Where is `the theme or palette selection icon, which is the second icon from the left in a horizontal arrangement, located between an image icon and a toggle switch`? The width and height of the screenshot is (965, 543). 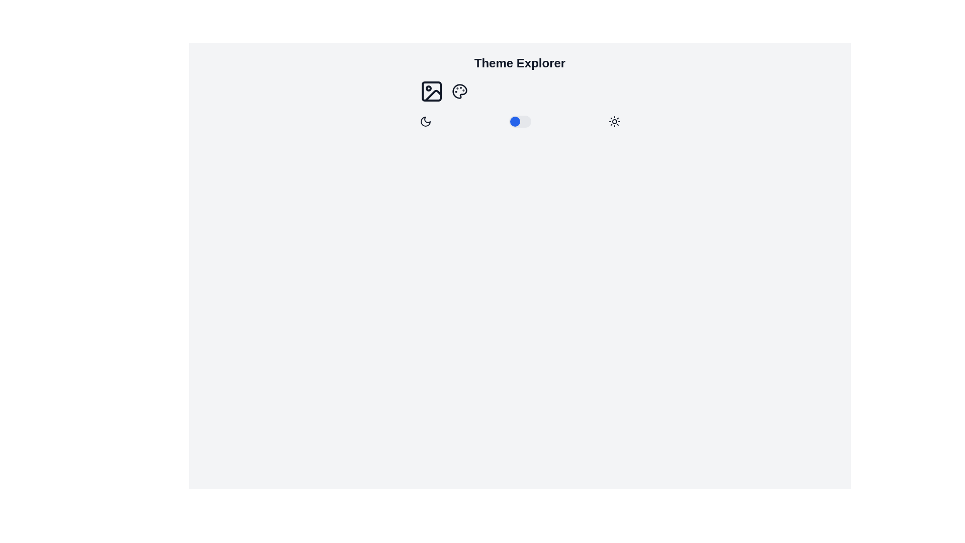
the theme or palette selection icon, which is the second icon from the left in a horizontal arrangement, located between an image icon and a toggle switch is located at coordinates (459, 91).